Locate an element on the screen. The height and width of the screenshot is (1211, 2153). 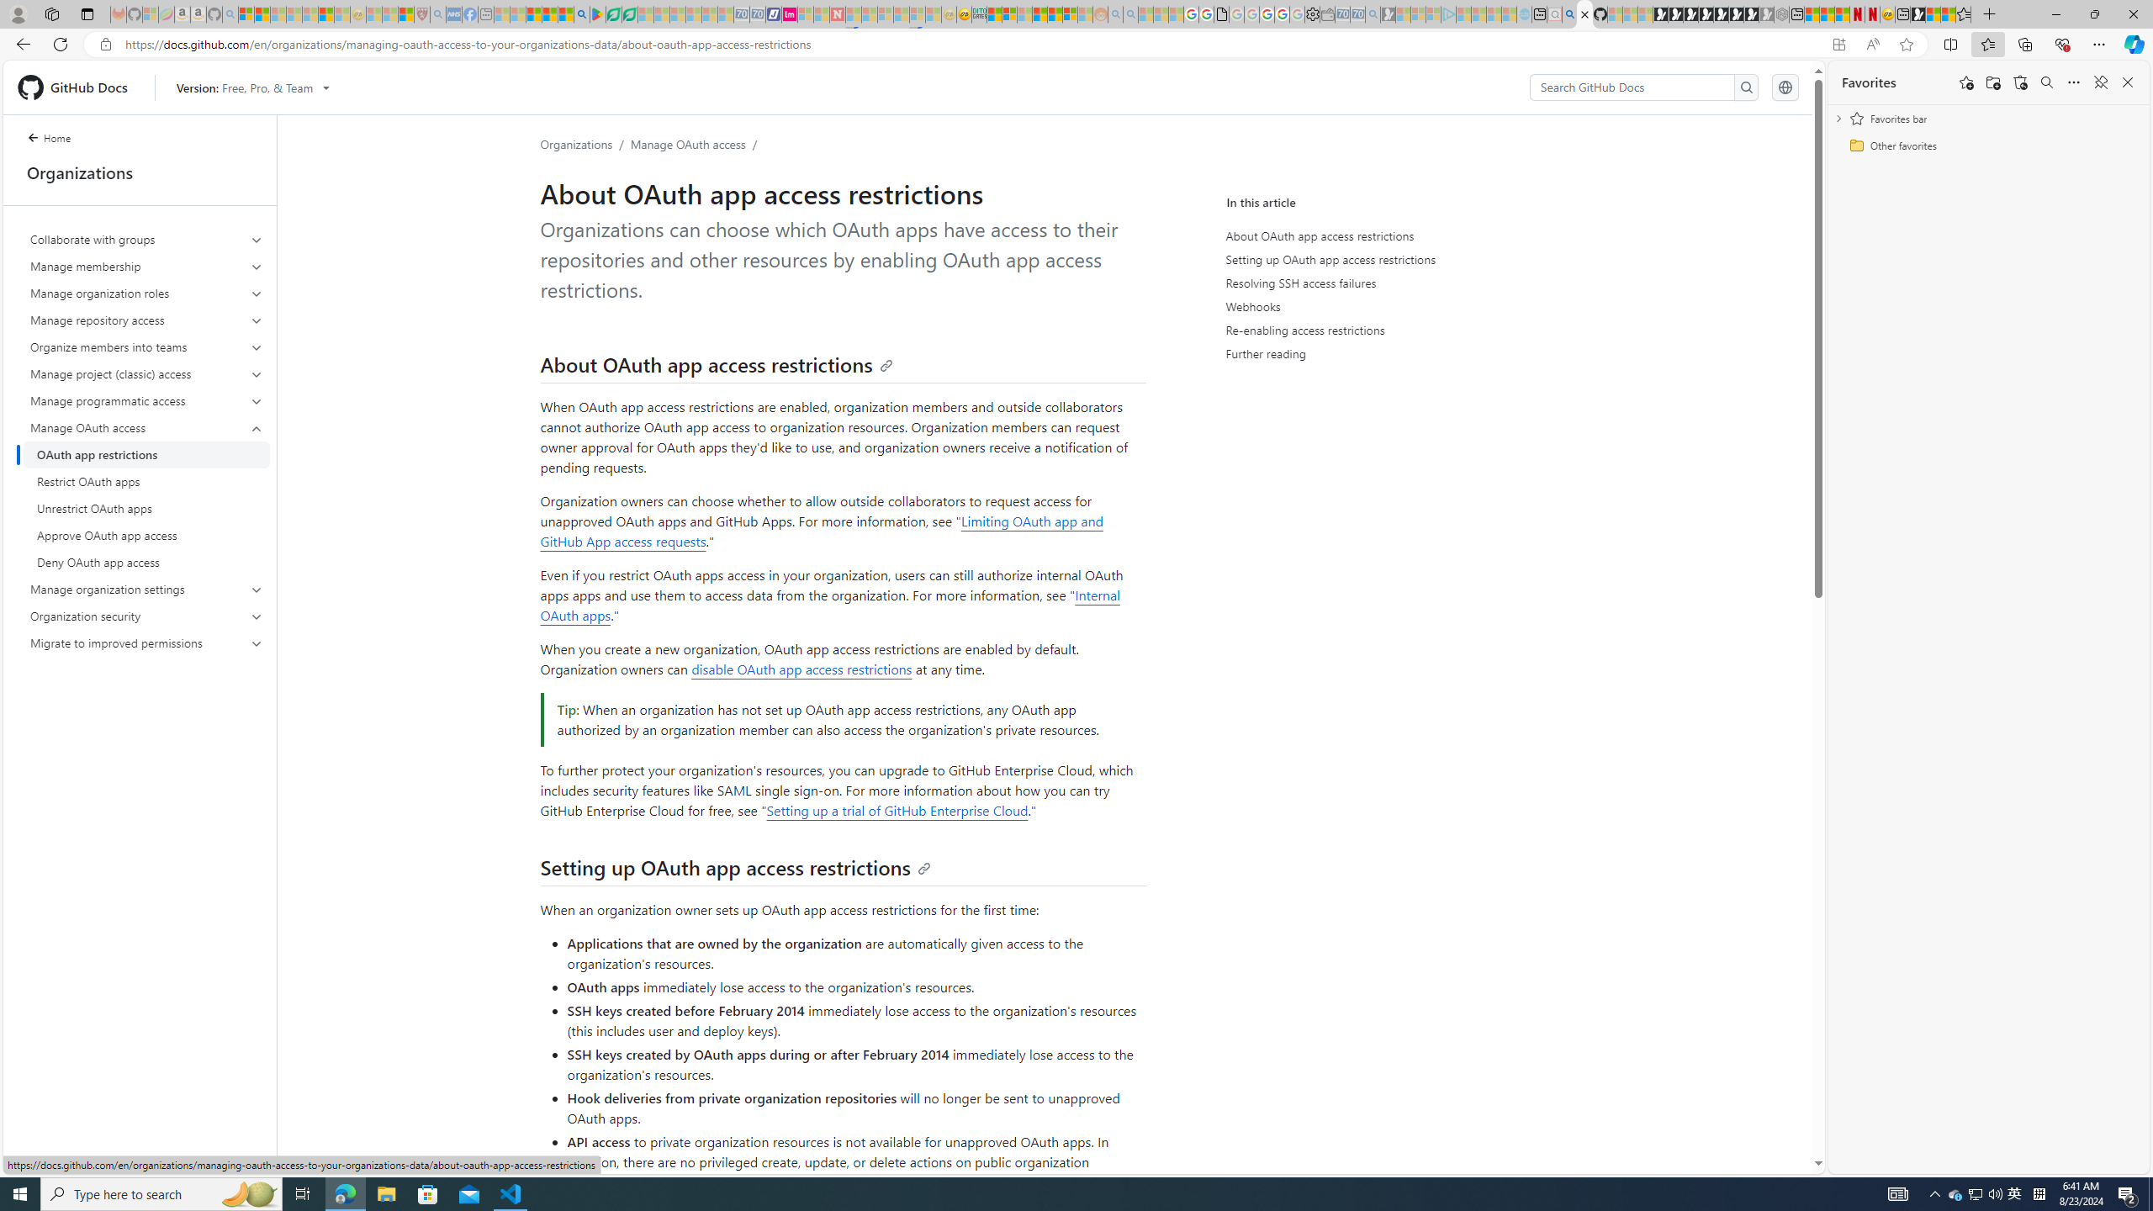
'Restrict OAuth apps' is located at coordinates (146, 481).